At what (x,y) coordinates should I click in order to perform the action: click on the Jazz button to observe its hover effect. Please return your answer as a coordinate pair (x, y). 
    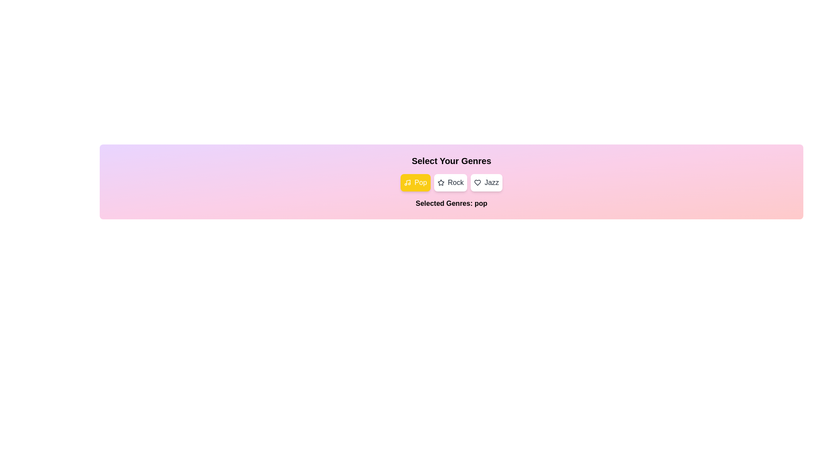
    Looking at the image, I should click on (486, 182).